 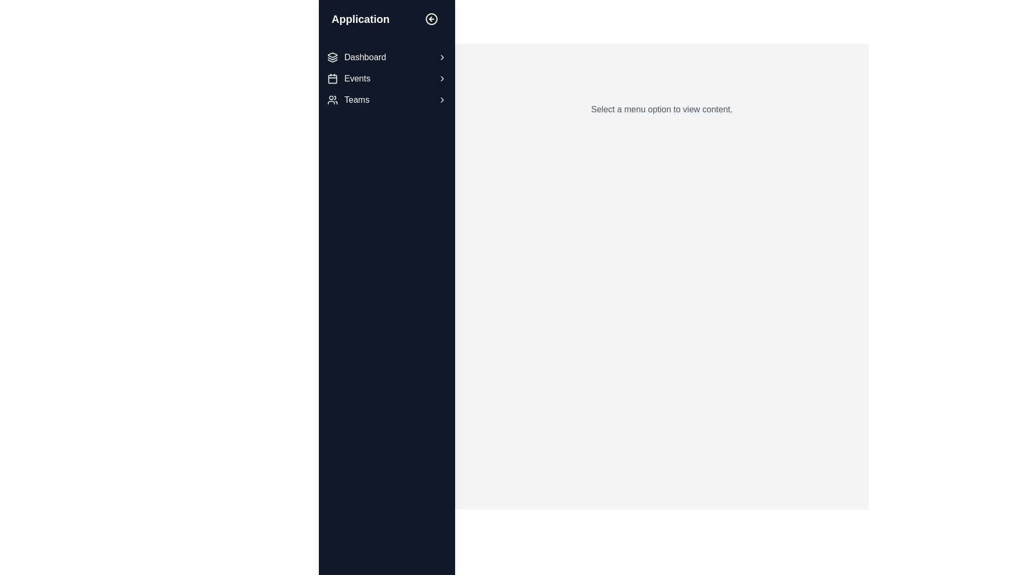 What do you see at coordinates (348, 100) in the screenshot?
I see `the 'Teams' navigation item in the vertical menu on the left side of the interface` at bounding box center [348, 100].